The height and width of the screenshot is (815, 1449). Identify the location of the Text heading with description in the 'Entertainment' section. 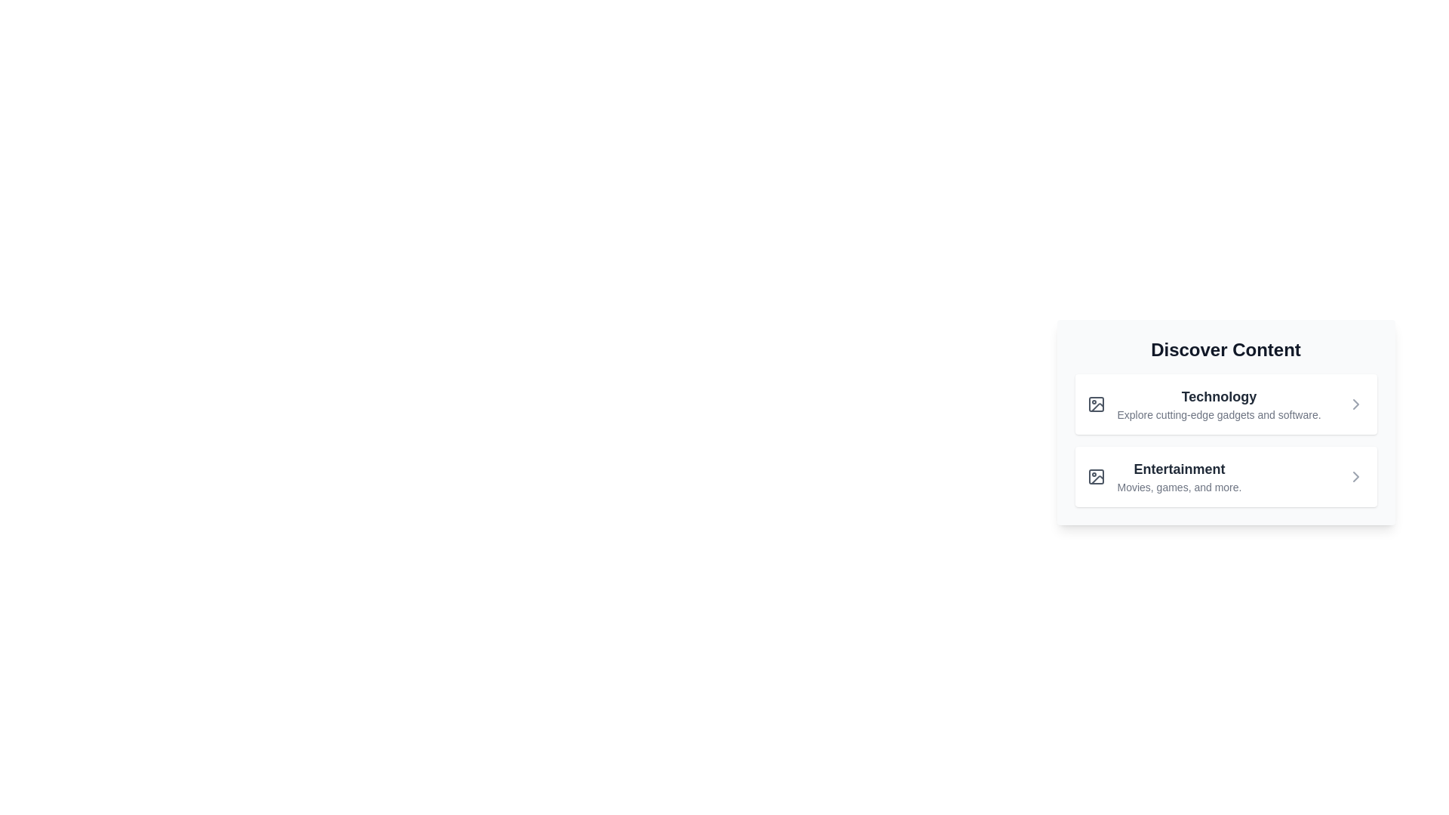
(1179, 477).